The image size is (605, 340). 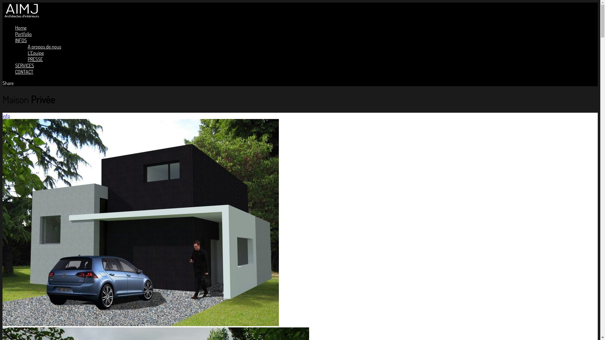 I want to click on 'PRESSE', so click(x=35, y=59).